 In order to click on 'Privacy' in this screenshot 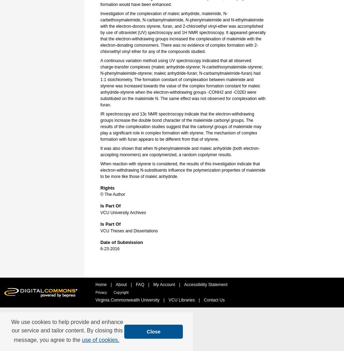, I will do `click(101, 292)`.